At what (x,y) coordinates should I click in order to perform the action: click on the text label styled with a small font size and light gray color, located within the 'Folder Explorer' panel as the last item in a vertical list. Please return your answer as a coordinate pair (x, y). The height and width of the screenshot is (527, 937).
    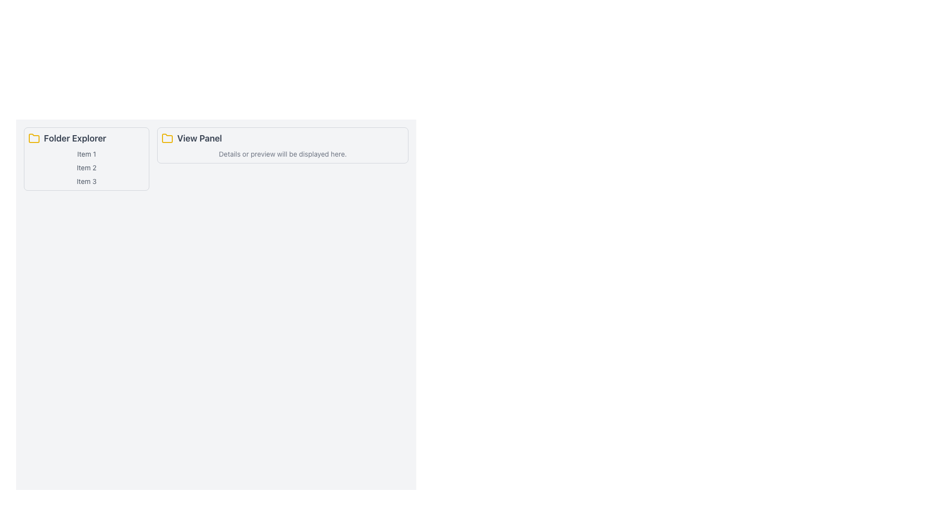
    Looking at the image, I should click on (86, 181).